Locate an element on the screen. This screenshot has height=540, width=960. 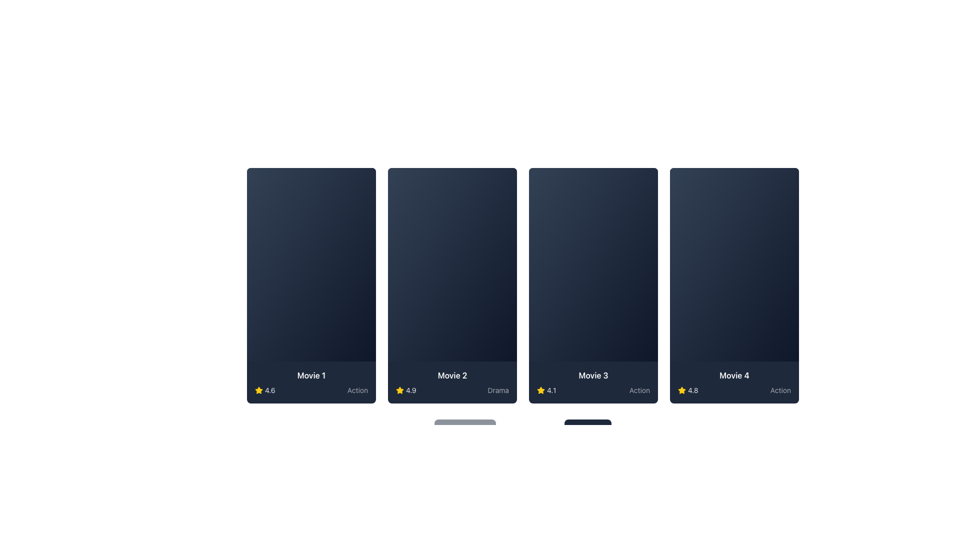
the content displayed on the informative card or panel about the movie, which is located under the central section of the interface, specifically the second segment in a row of similar sections is located at coordinates (452, 382).